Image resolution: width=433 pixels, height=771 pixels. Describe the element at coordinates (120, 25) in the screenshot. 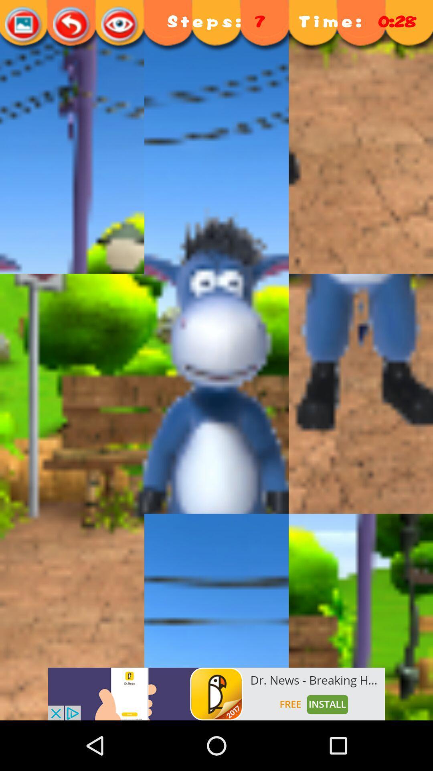

I see `the visibility icon` at that location.